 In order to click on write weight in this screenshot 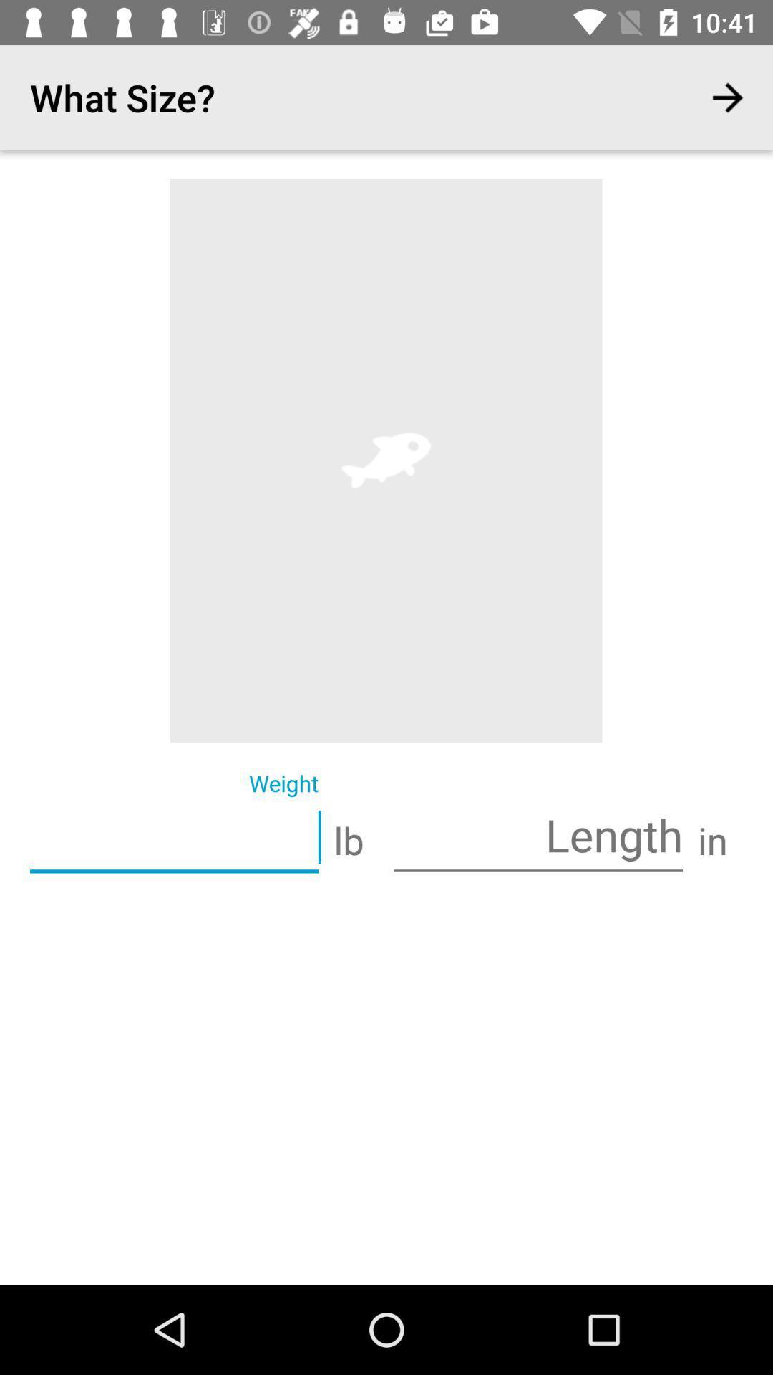, I will do `click(173, 839)`.